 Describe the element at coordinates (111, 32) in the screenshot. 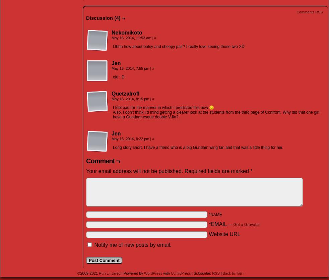

I see `'Nekomikoto'` at that location.